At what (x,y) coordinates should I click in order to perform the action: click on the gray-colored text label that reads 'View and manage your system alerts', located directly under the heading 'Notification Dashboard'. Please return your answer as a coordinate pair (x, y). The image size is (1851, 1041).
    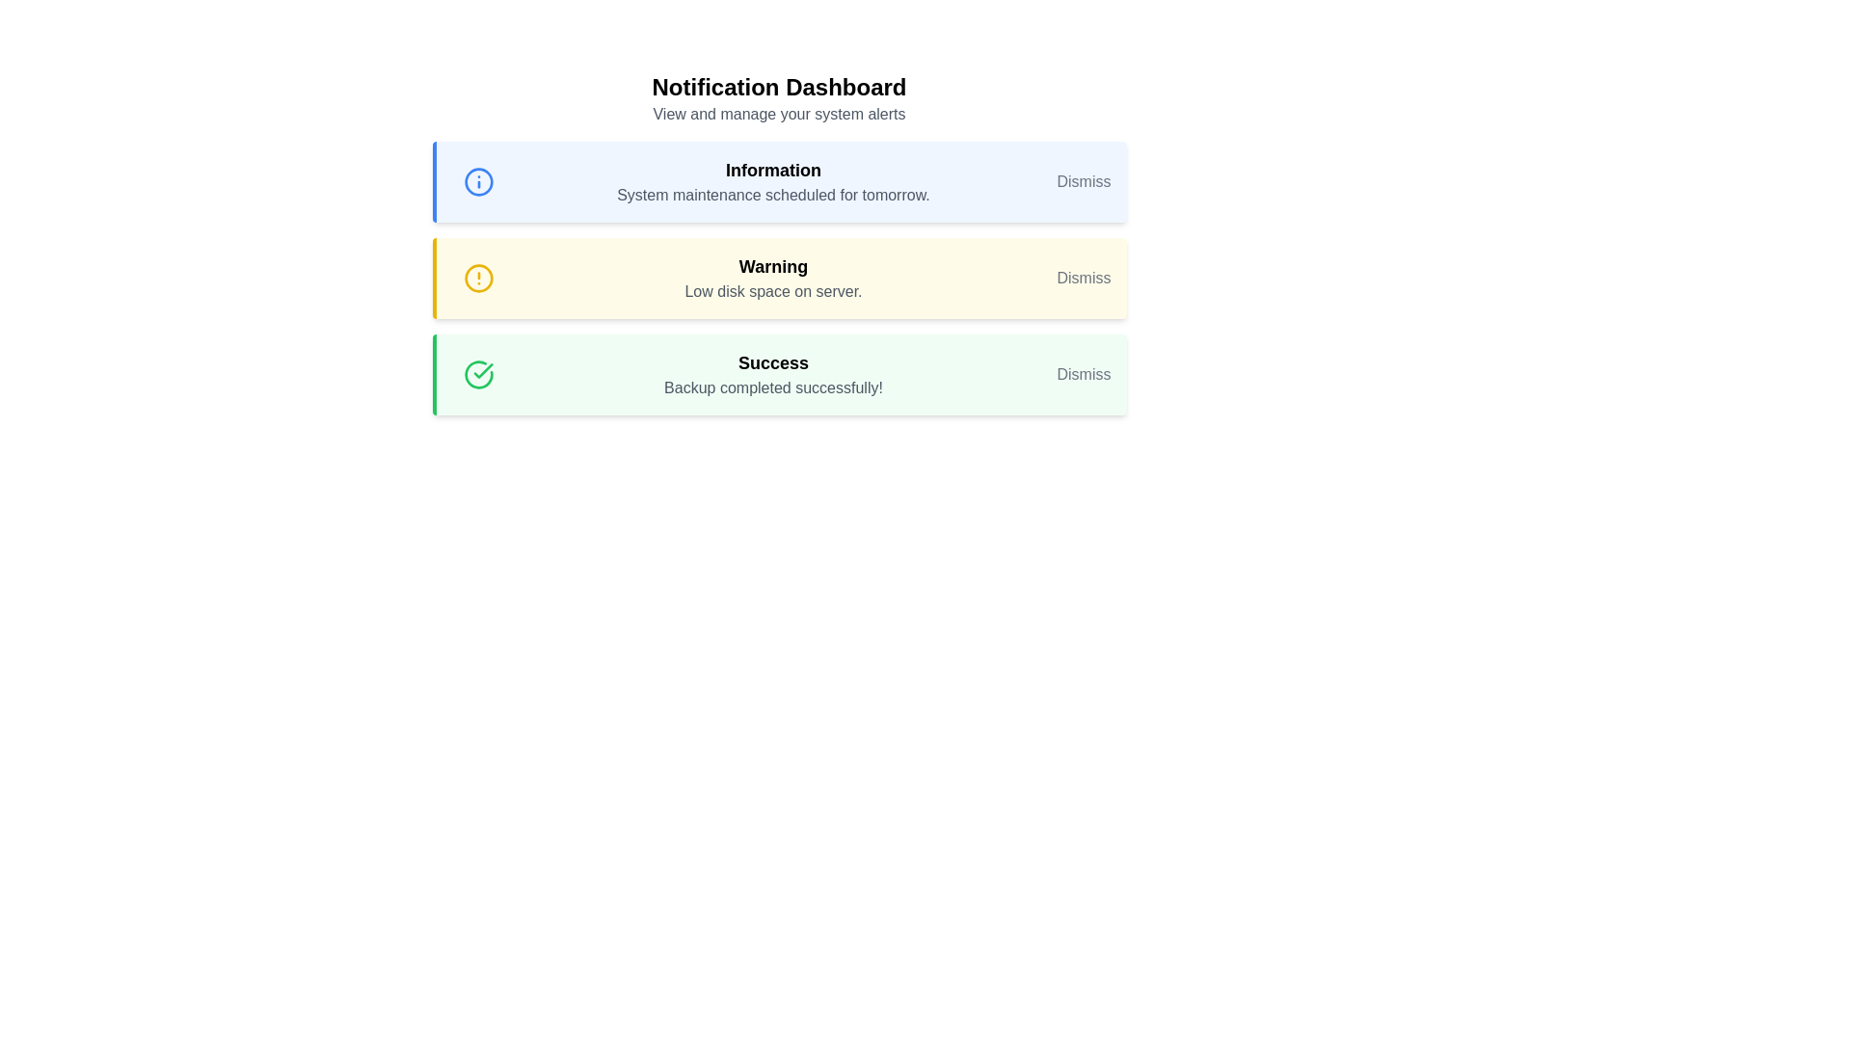
    Looking at the image, I should click on (779, 115).